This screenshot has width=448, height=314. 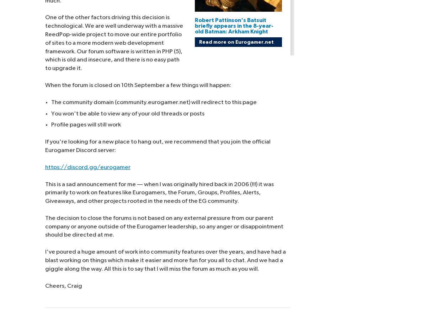 What do you see at coordinates (220, 45) in the screenshot?
I see `'Cookie Policy'` at bounding box center [220, 45].